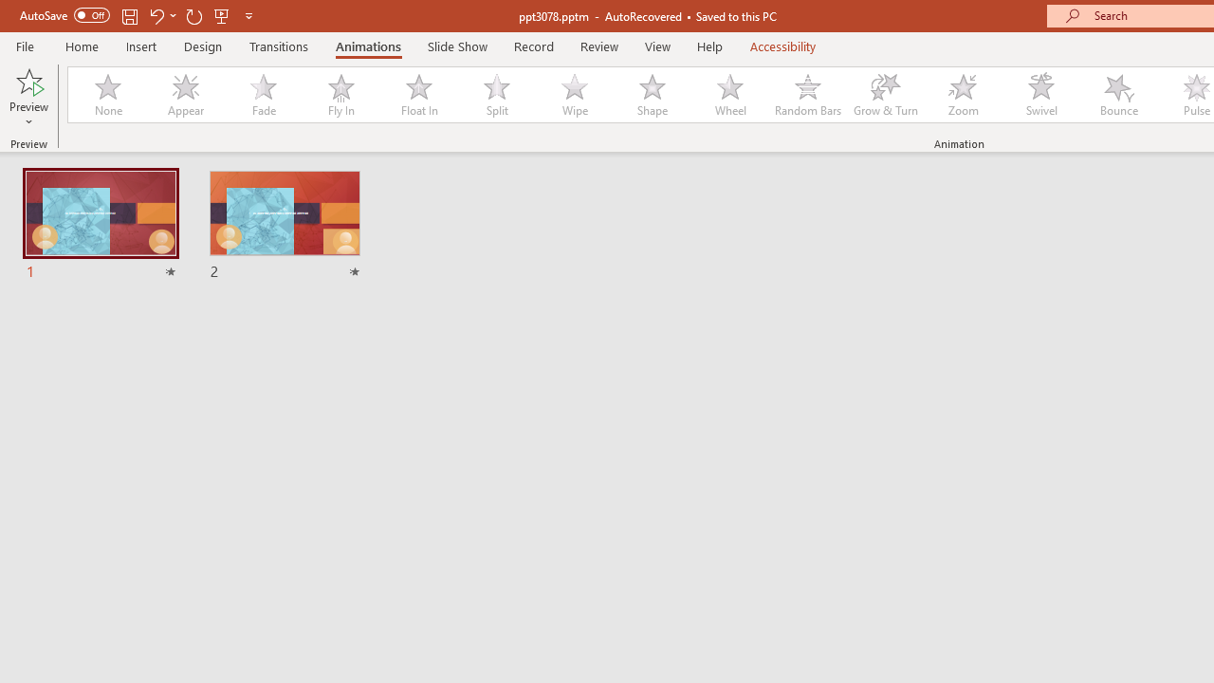 The image size is (1214, 683). What do you see at coordinates (657, 46) in the screenshot?
I see `'View'` at bounding box center [657, 46].